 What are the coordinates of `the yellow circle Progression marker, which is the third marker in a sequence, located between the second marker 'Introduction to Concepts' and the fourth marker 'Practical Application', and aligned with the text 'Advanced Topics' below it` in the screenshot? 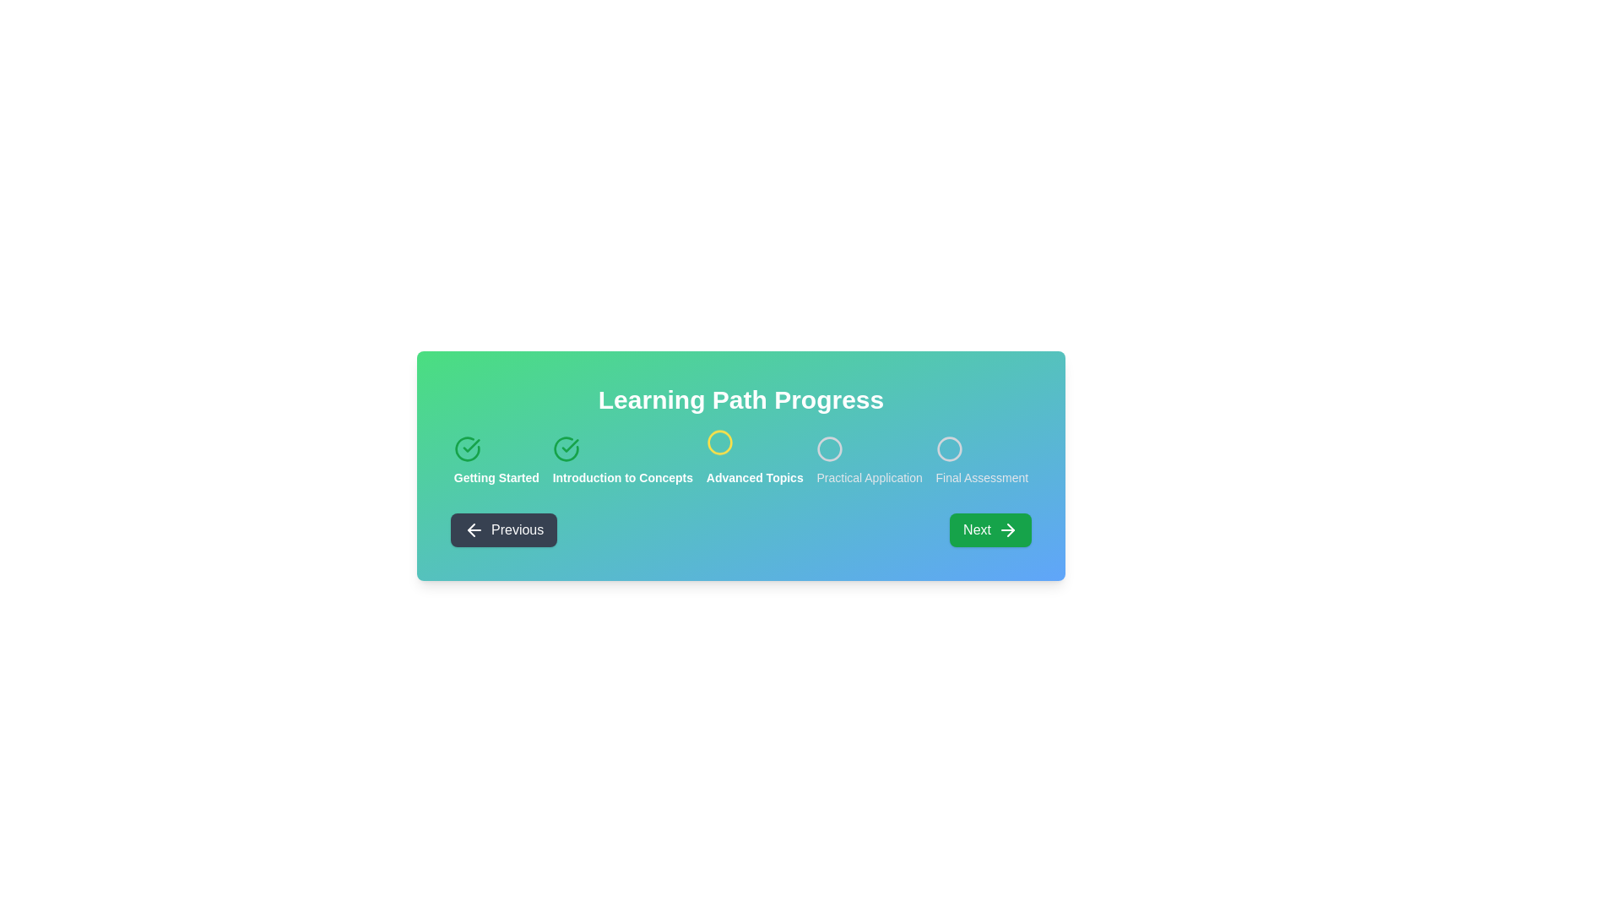 It's located at (719, 445).